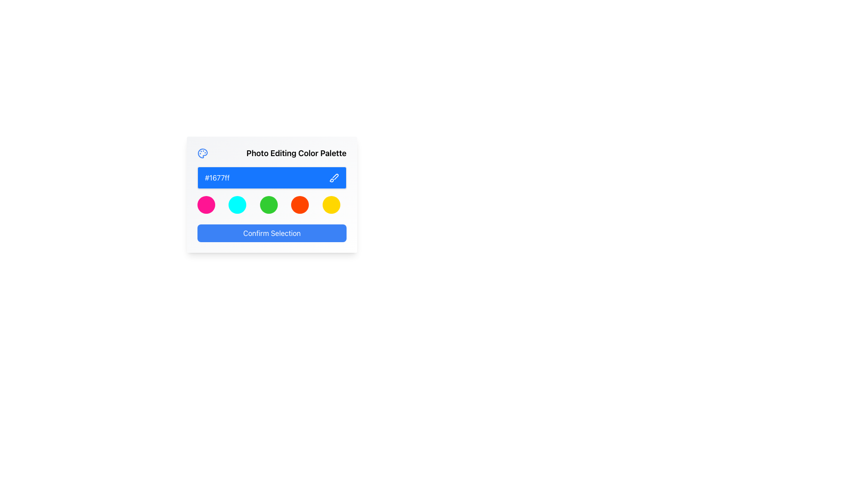 The image size is (852, 479). What do you see at coordinates (202, 153) in the screenshot?
I see `the painter's palette icon located to the left of the title 'Photo Editing Color Palette', characterized by its blue hue and multiple painted circles` at bounding box center [202, 153].